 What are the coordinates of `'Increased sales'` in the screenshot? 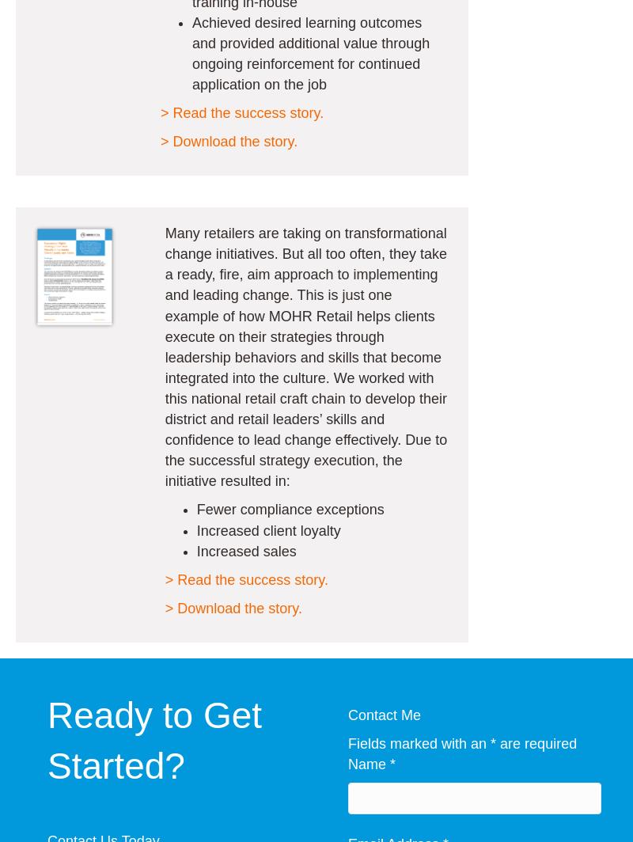 It's located at (245, 550).